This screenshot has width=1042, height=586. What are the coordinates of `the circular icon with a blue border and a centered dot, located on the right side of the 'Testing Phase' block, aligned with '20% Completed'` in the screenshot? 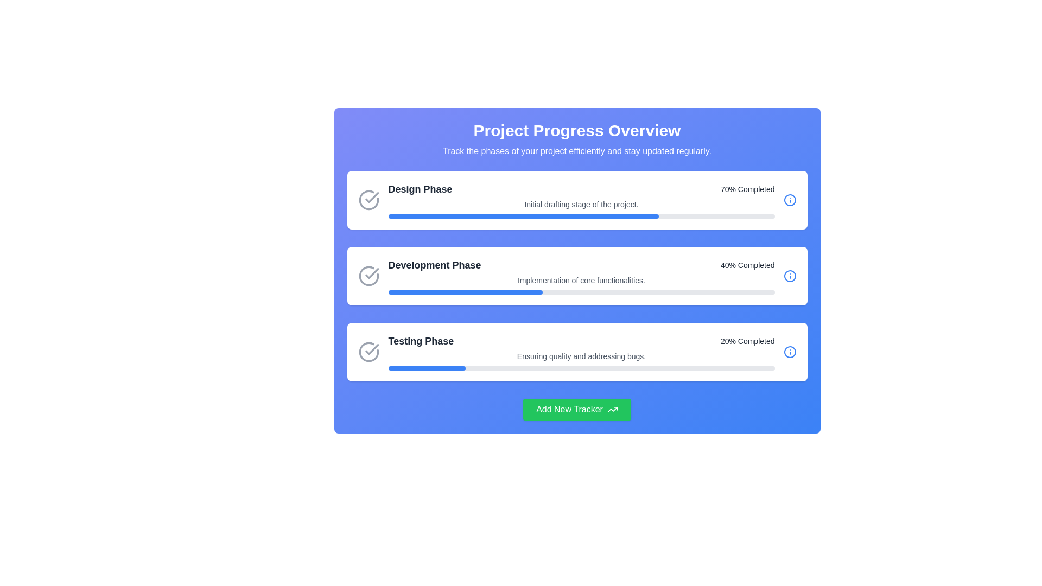 It's located at (790, 352).